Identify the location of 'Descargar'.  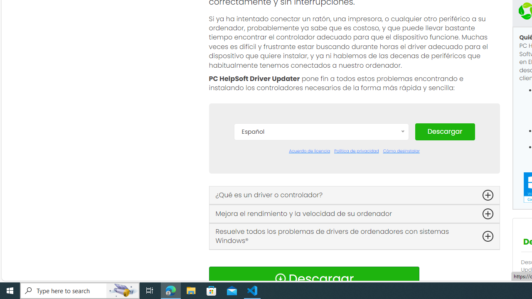
(444, 131).